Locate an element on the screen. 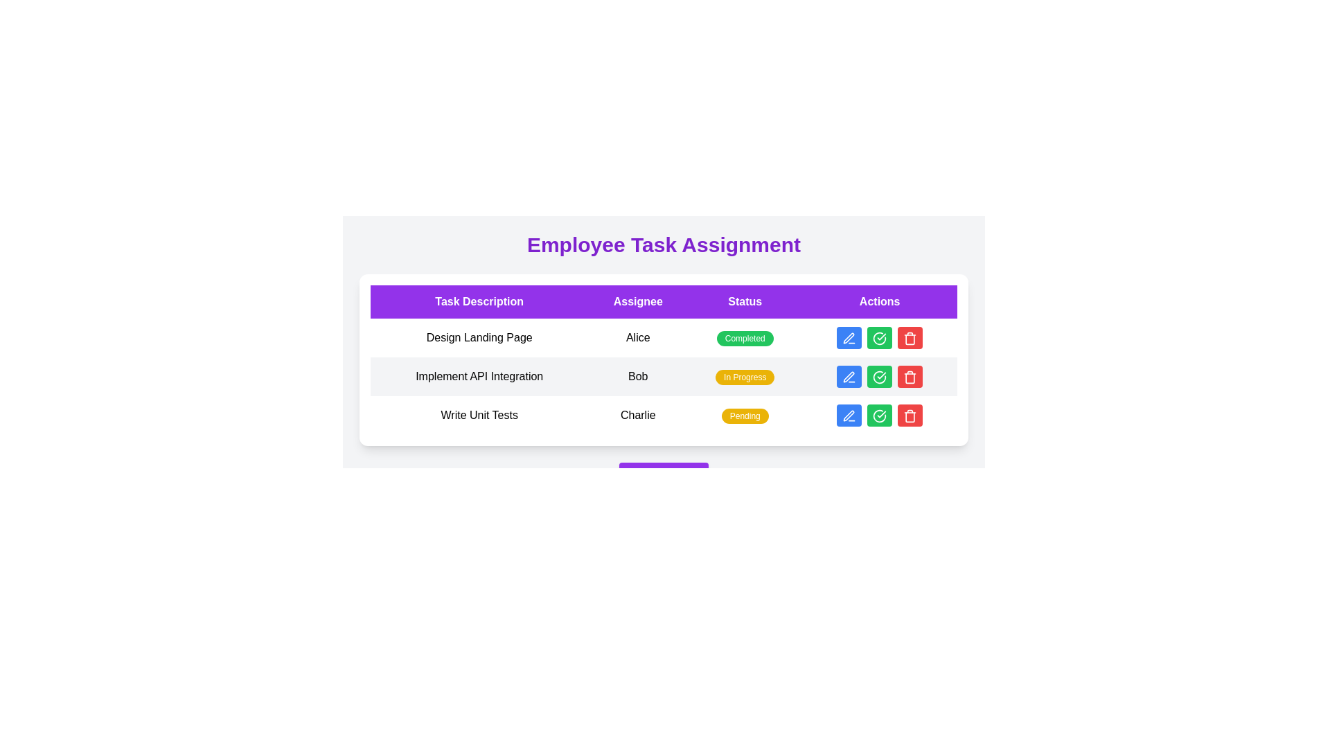 Image resolution: width=1330 pixels, height=748 pixels. text displayed on the 'In Progress' Status Badge, which is a rounded rectangular badge in the second row of the table under the 'Status' column for the 'Implement API Integration' task is located at coordinates (744, 376).